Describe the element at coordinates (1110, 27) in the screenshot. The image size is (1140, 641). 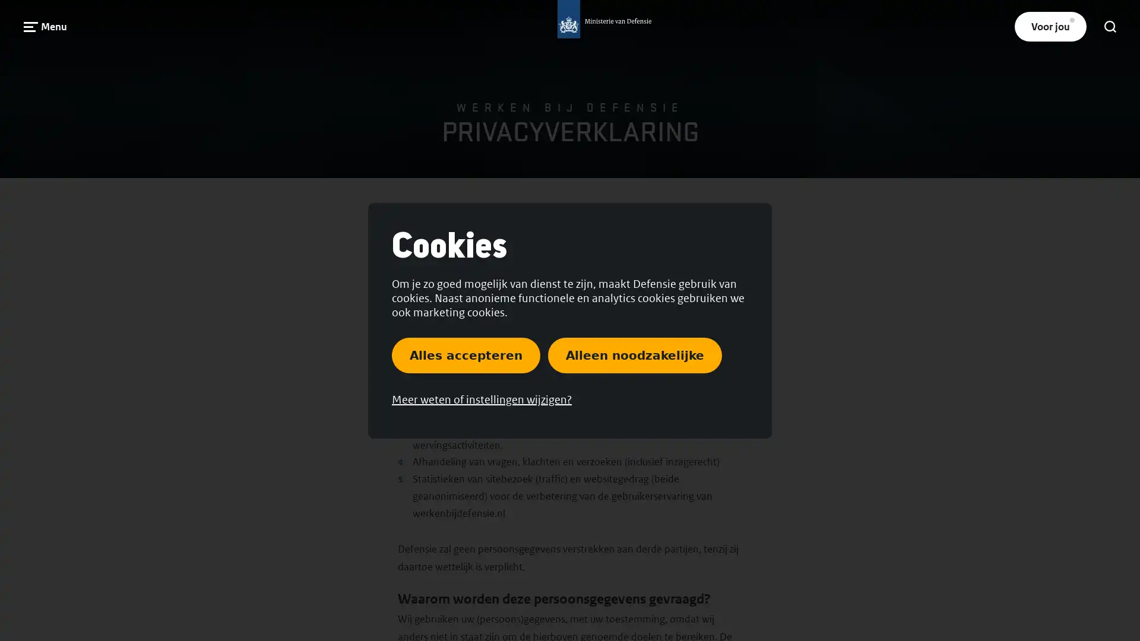
I see `Zoeken openen` at that location.